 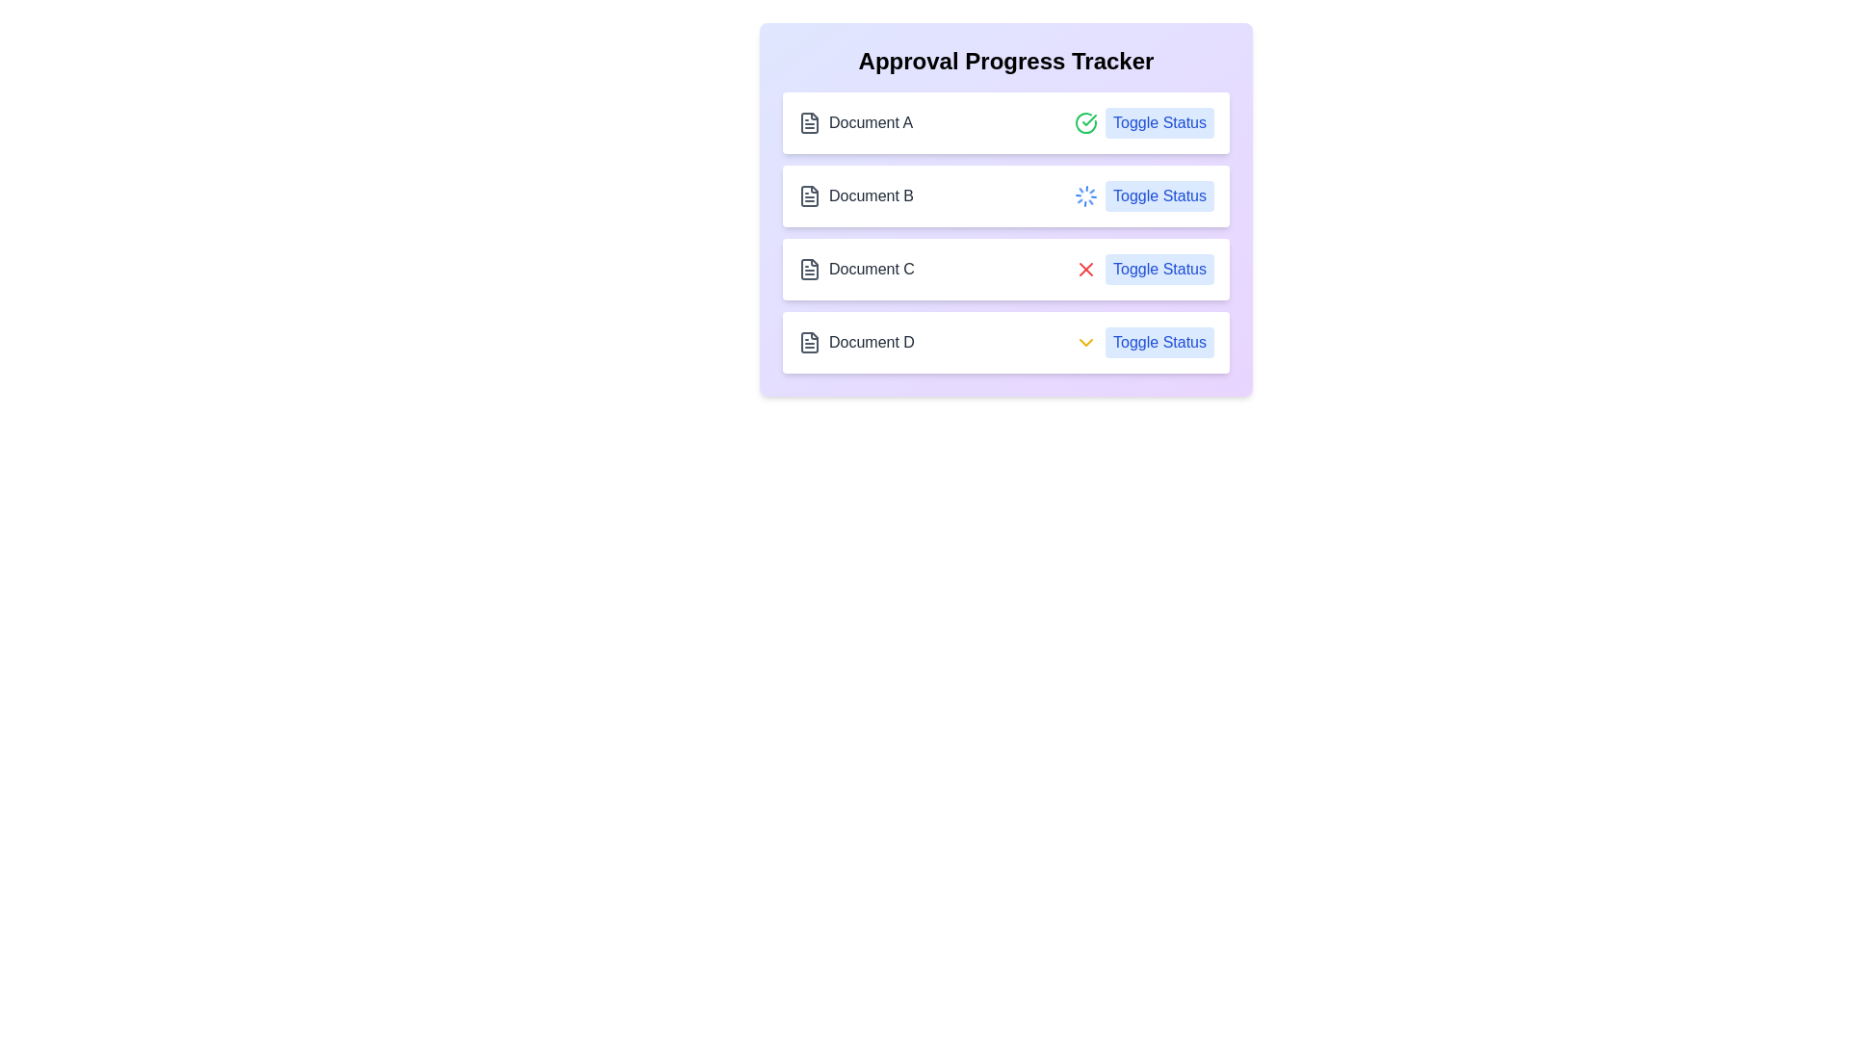 What do you see at coordinates (855, 341) in the screenshot?
I see `the 'Document D' label with the document icon located in the fourth row under 'Approval Progress Tracker'` at bounding box center [855, 341].